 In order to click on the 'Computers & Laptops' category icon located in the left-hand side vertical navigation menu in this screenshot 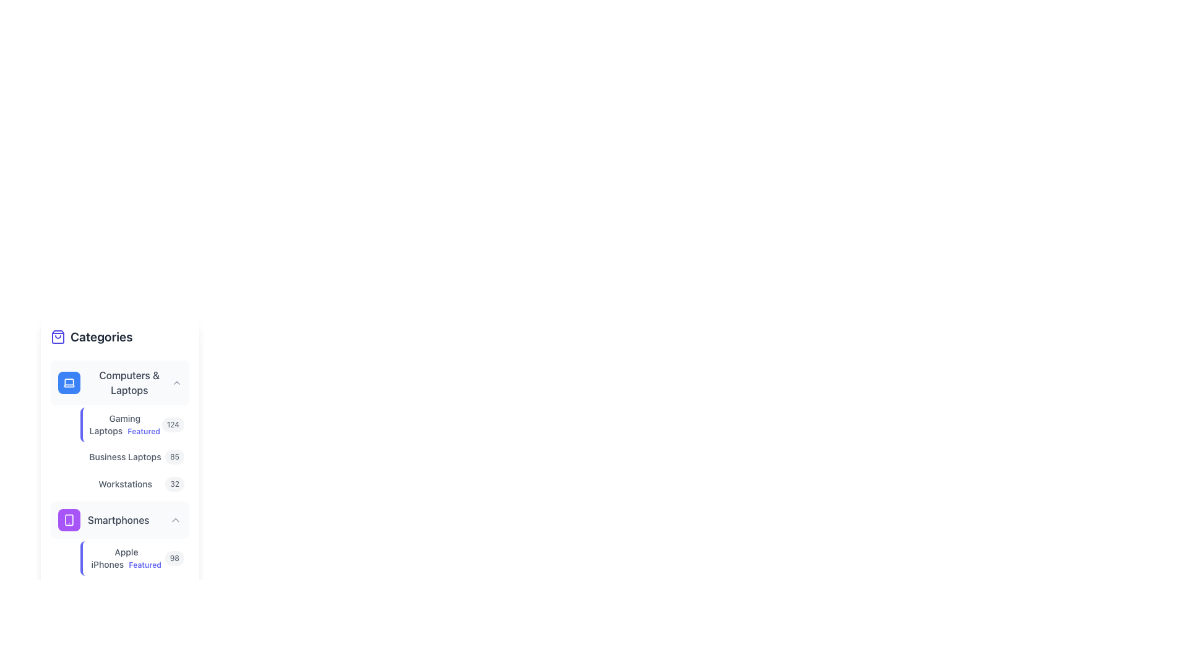, I will do `click(68, 382)`.